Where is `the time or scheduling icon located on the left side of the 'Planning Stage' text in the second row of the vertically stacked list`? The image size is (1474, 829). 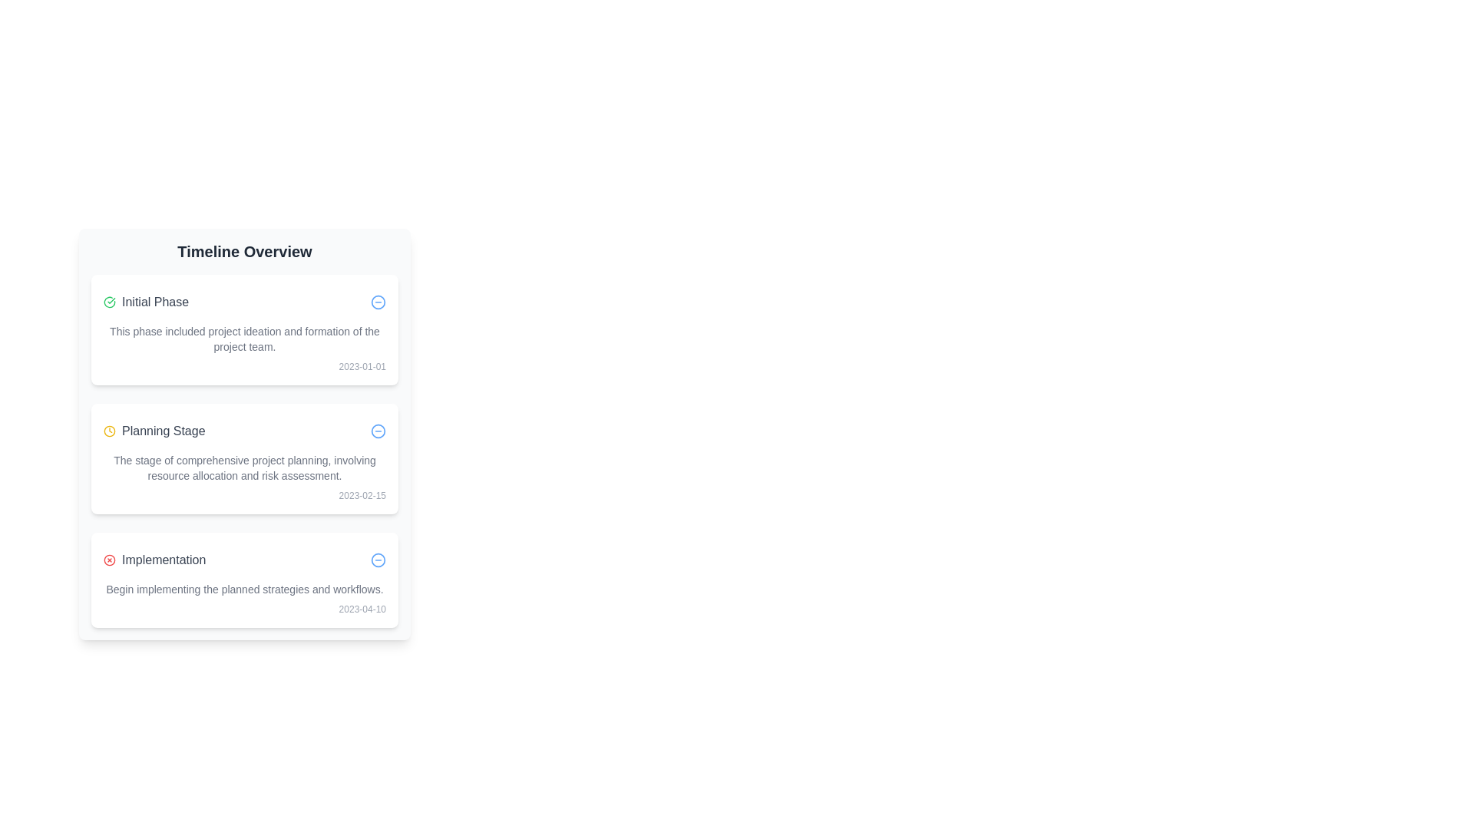
the time or scheduling icon located on the left side of the 'Planning Stage' text in the second row of the vertically stacked list is located at coordinates (109, 431).